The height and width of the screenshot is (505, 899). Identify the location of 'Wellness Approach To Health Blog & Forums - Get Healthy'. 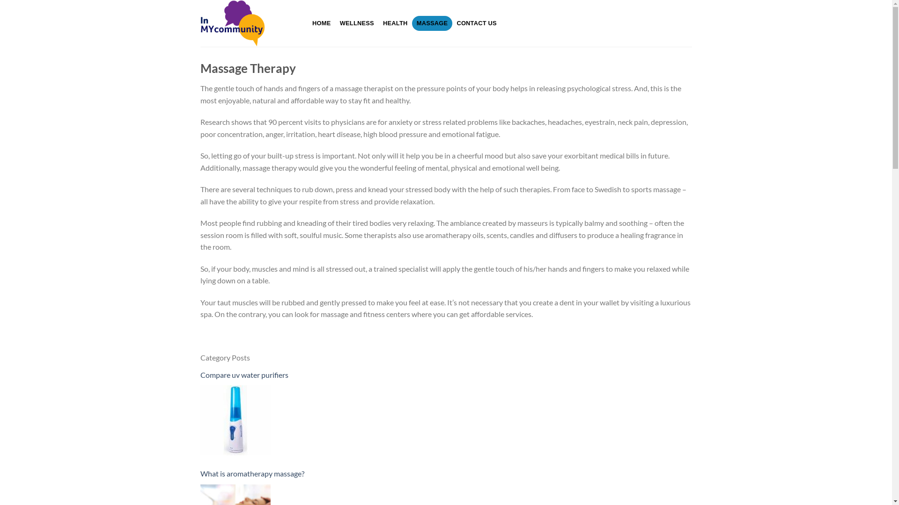
(199, 23).